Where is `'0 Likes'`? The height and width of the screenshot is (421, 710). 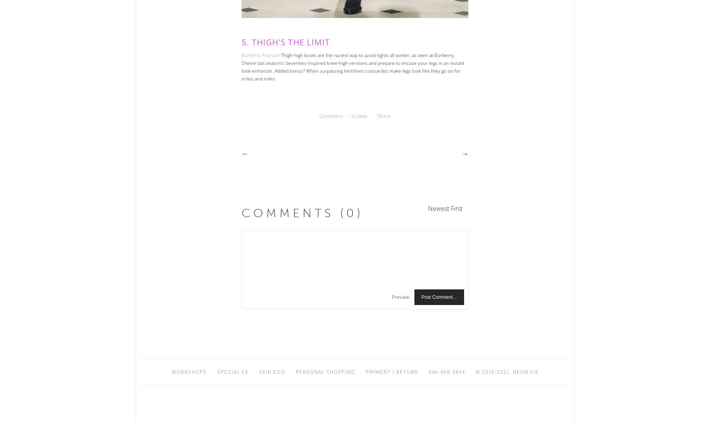 '0 Likes' is located at coordinates (359, 116).